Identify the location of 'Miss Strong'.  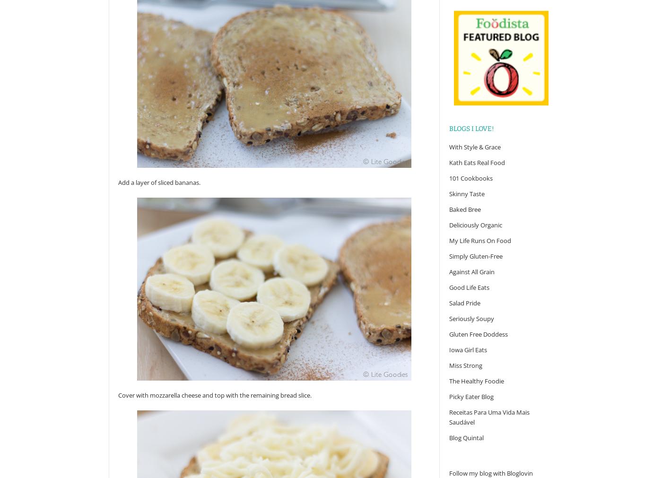
(466, 365).